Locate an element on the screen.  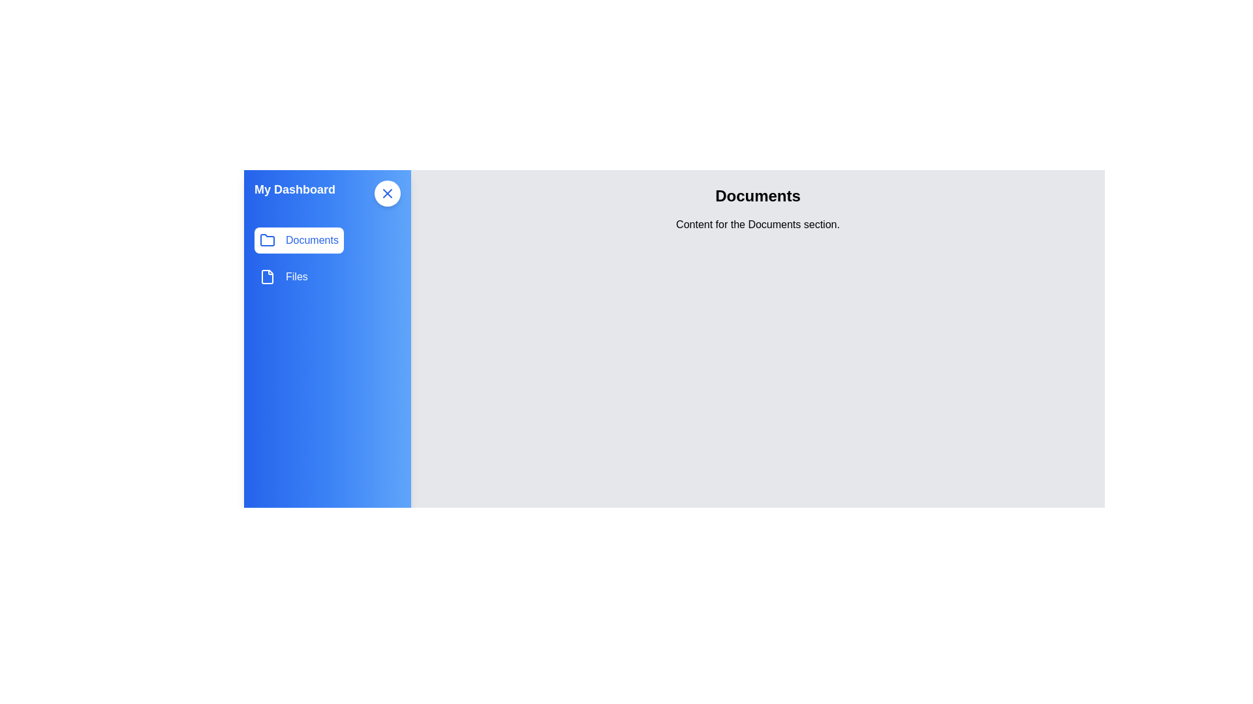
the tab labeled Documents to switch to that section is located at coordinates (298, 241).